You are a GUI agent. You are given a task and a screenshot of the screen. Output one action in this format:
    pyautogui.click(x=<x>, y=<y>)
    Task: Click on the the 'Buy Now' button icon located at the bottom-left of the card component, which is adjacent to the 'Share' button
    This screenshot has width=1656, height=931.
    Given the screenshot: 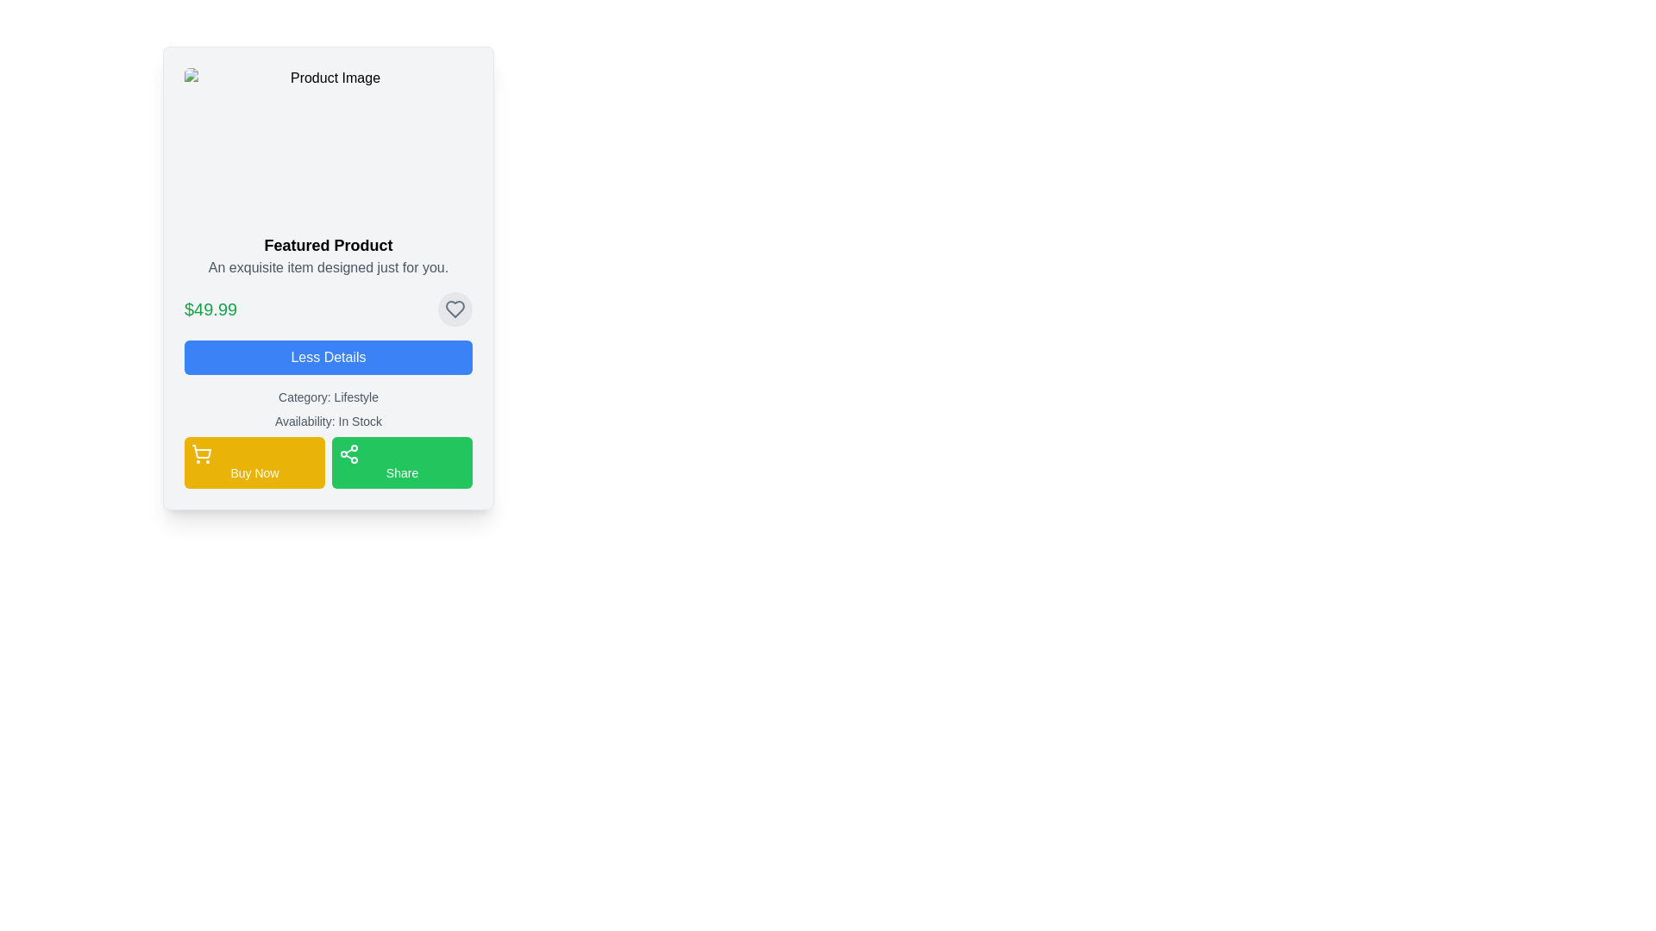 What is the action you would take?
    pyautogui.click(x=202, y=453)
    